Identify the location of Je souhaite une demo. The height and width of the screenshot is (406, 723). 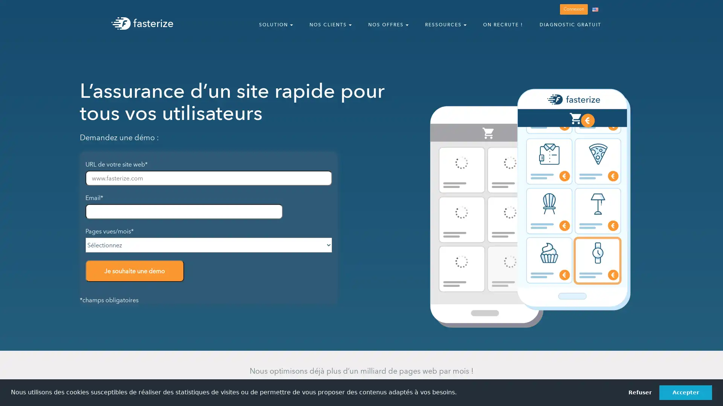
(134, 271).